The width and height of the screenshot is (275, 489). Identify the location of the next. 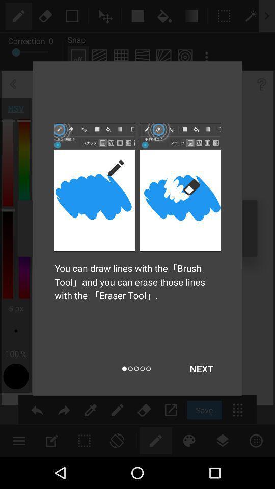
(201, 368).